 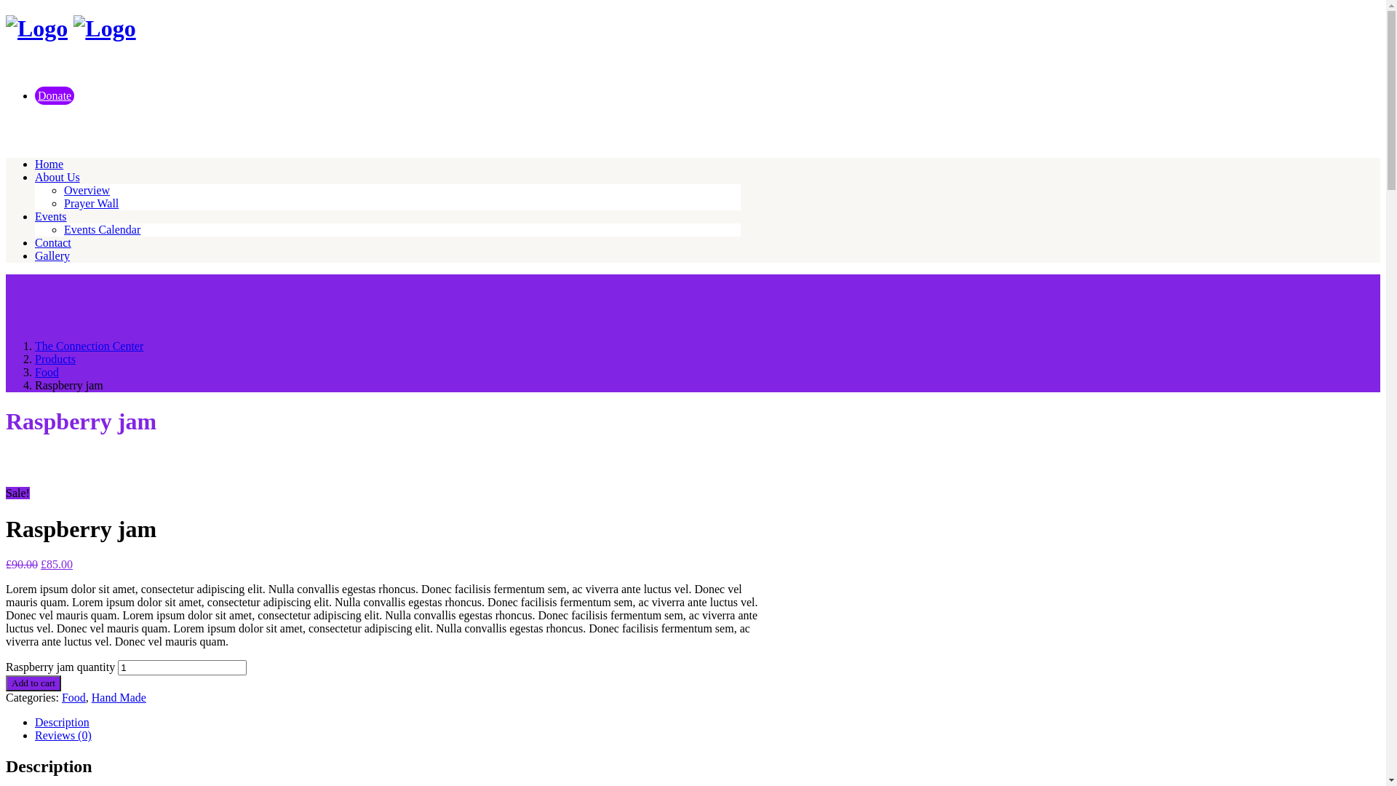 I want to click on 'Gallery', so click(x=52, y=255).